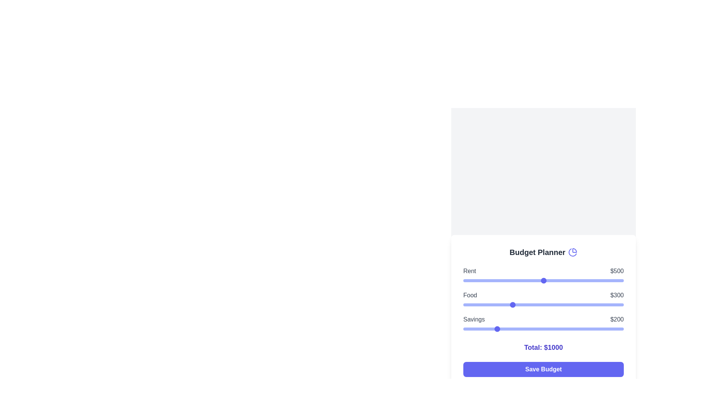 Image resolution: width=725 pixels, height=408 pixels. What do you see at coordinates (543, 252) in the screenshot?
I see `the 'Budget Planner' title` at bounding box center [543, 252].